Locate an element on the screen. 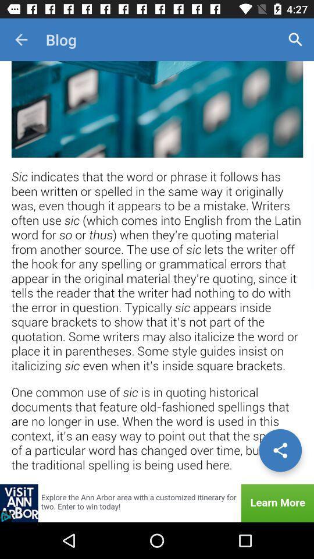 This screenshot has width=314, height=559. the share icon is located at coordinates (280, 450).